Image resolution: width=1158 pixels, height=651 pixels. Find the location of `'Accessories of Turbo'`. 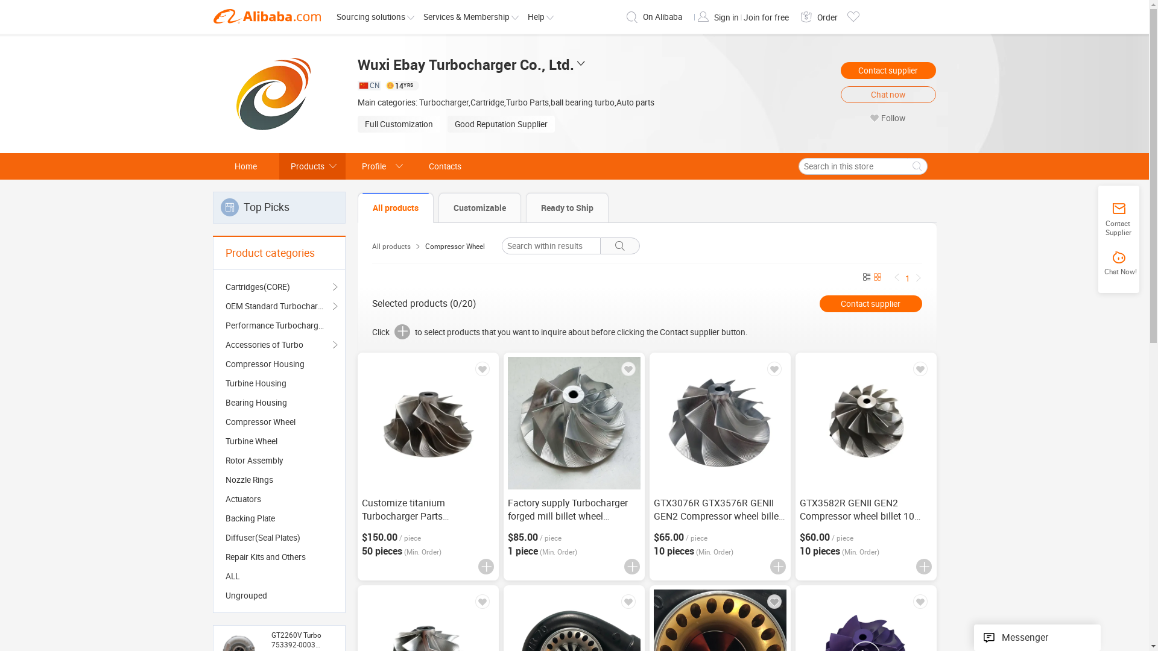

'Accessories of Turbo' is located at coordinates (278, 344).